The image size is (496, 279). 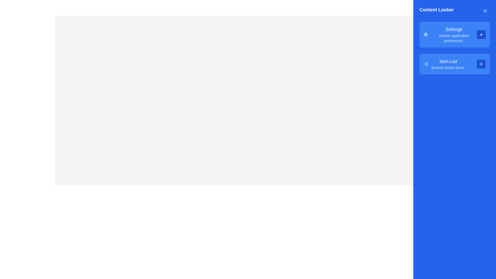 What do you see at coordinates (481, 64) in the screenshot?
I see `the blue square button with rounded corners and a '+' icon at its center, located on the right side of the 'Item List' panel under 'Content Locker'` at bounding box center [481, 64].